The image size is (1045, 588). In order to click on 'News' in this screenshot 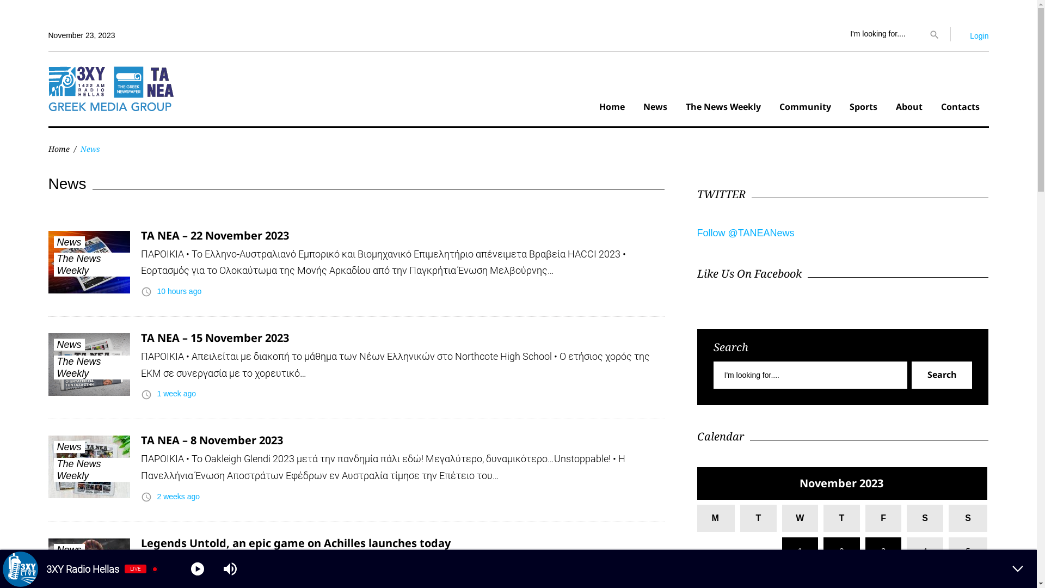, I will do `click(654, 108)`.